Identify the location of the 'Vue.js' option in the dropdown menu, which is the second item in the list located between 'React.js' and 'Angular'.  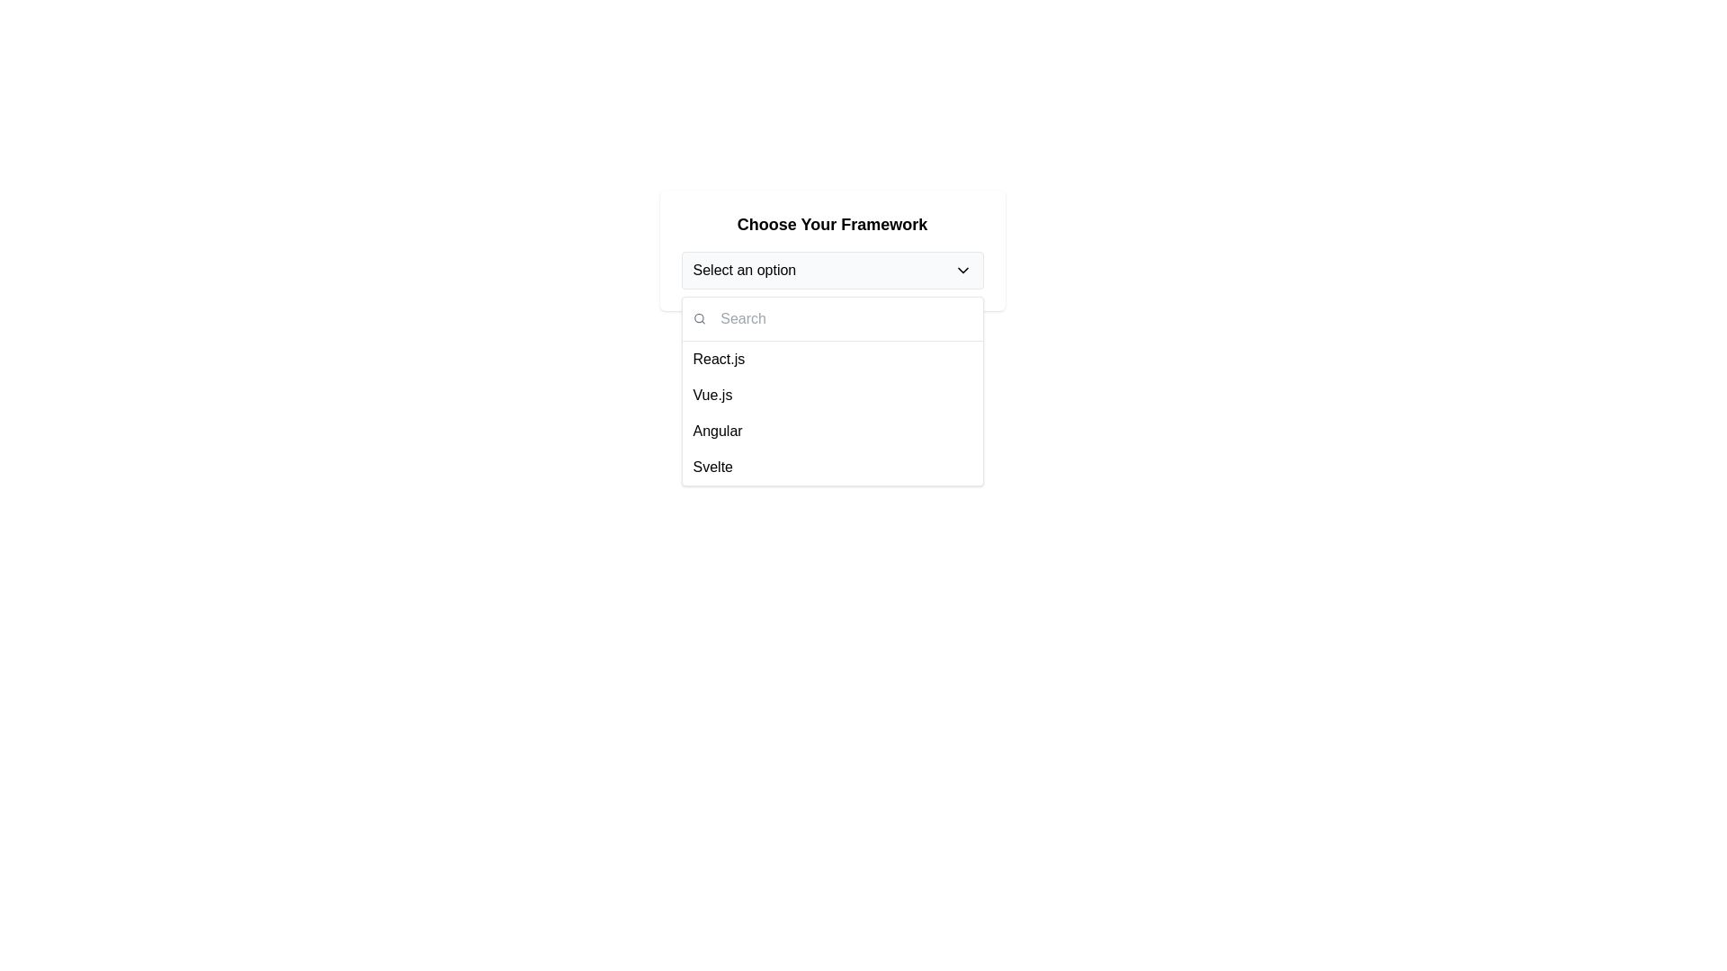
(831, 394).